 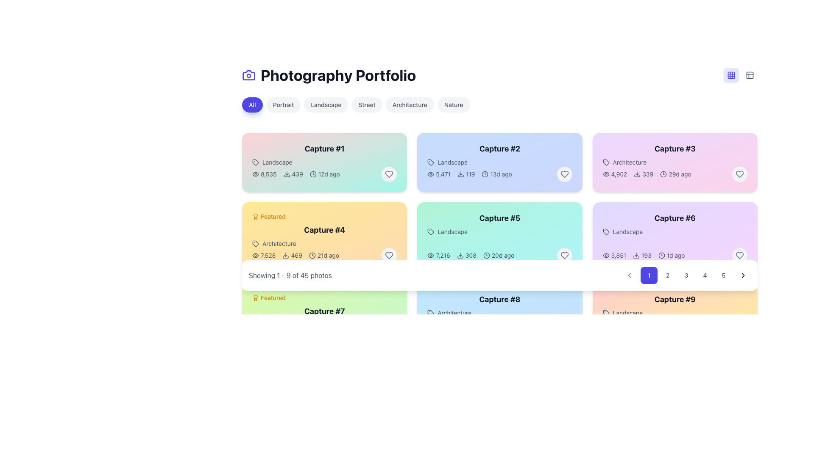 I want to click on visual styling of the text element indicating the time elapsed since the last update, located in the bottom-right corner of the 'Capture #5' card, so click(x=499, y=255).